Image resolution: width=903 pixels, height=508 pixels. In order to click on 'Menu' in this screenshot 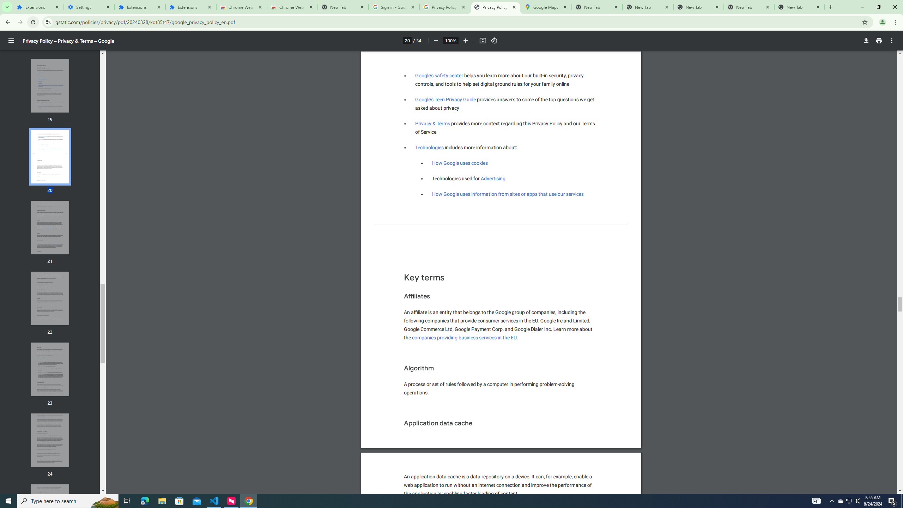, I will do `click(11, 40)`.